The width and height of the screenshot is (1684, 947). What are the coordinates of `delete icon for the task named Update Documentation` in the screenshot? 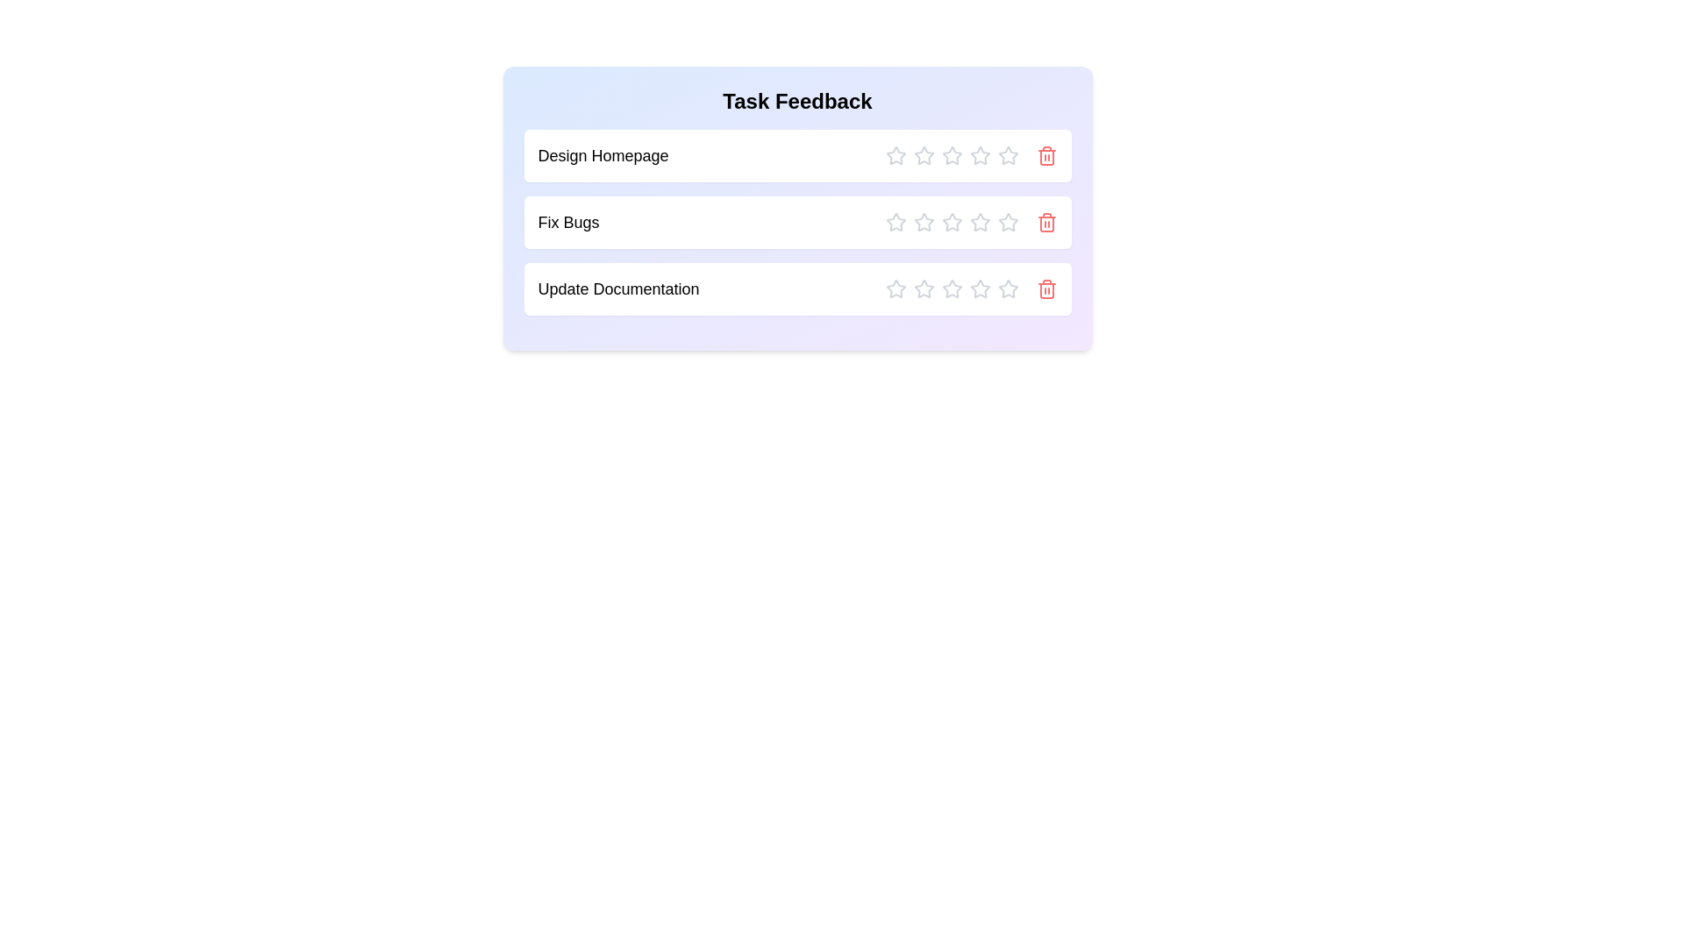 It's located at (1046, 288).